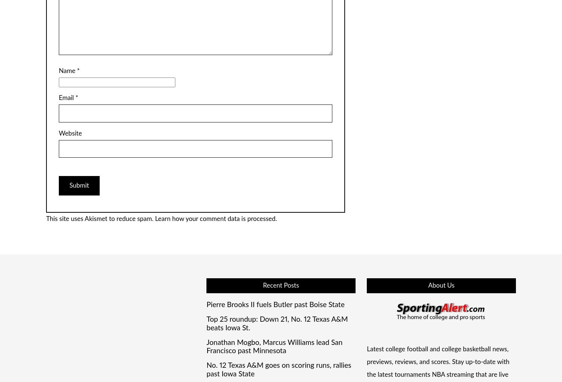  What do you see at coordinates (441, 285) in the screenshot?
I see `'About Us'` at bounding box center [441, 285].